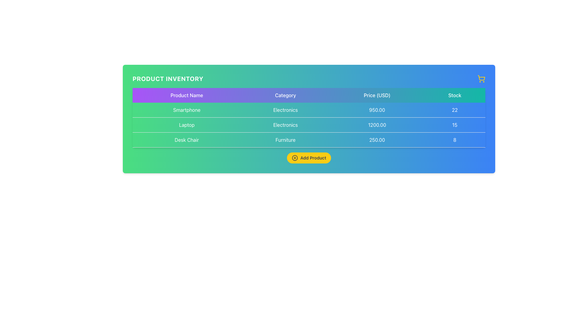  I want to click on the product name text label in the product inventory table, located in the first column below 'Smartphone' and 'Laptop', so click(186, 140).